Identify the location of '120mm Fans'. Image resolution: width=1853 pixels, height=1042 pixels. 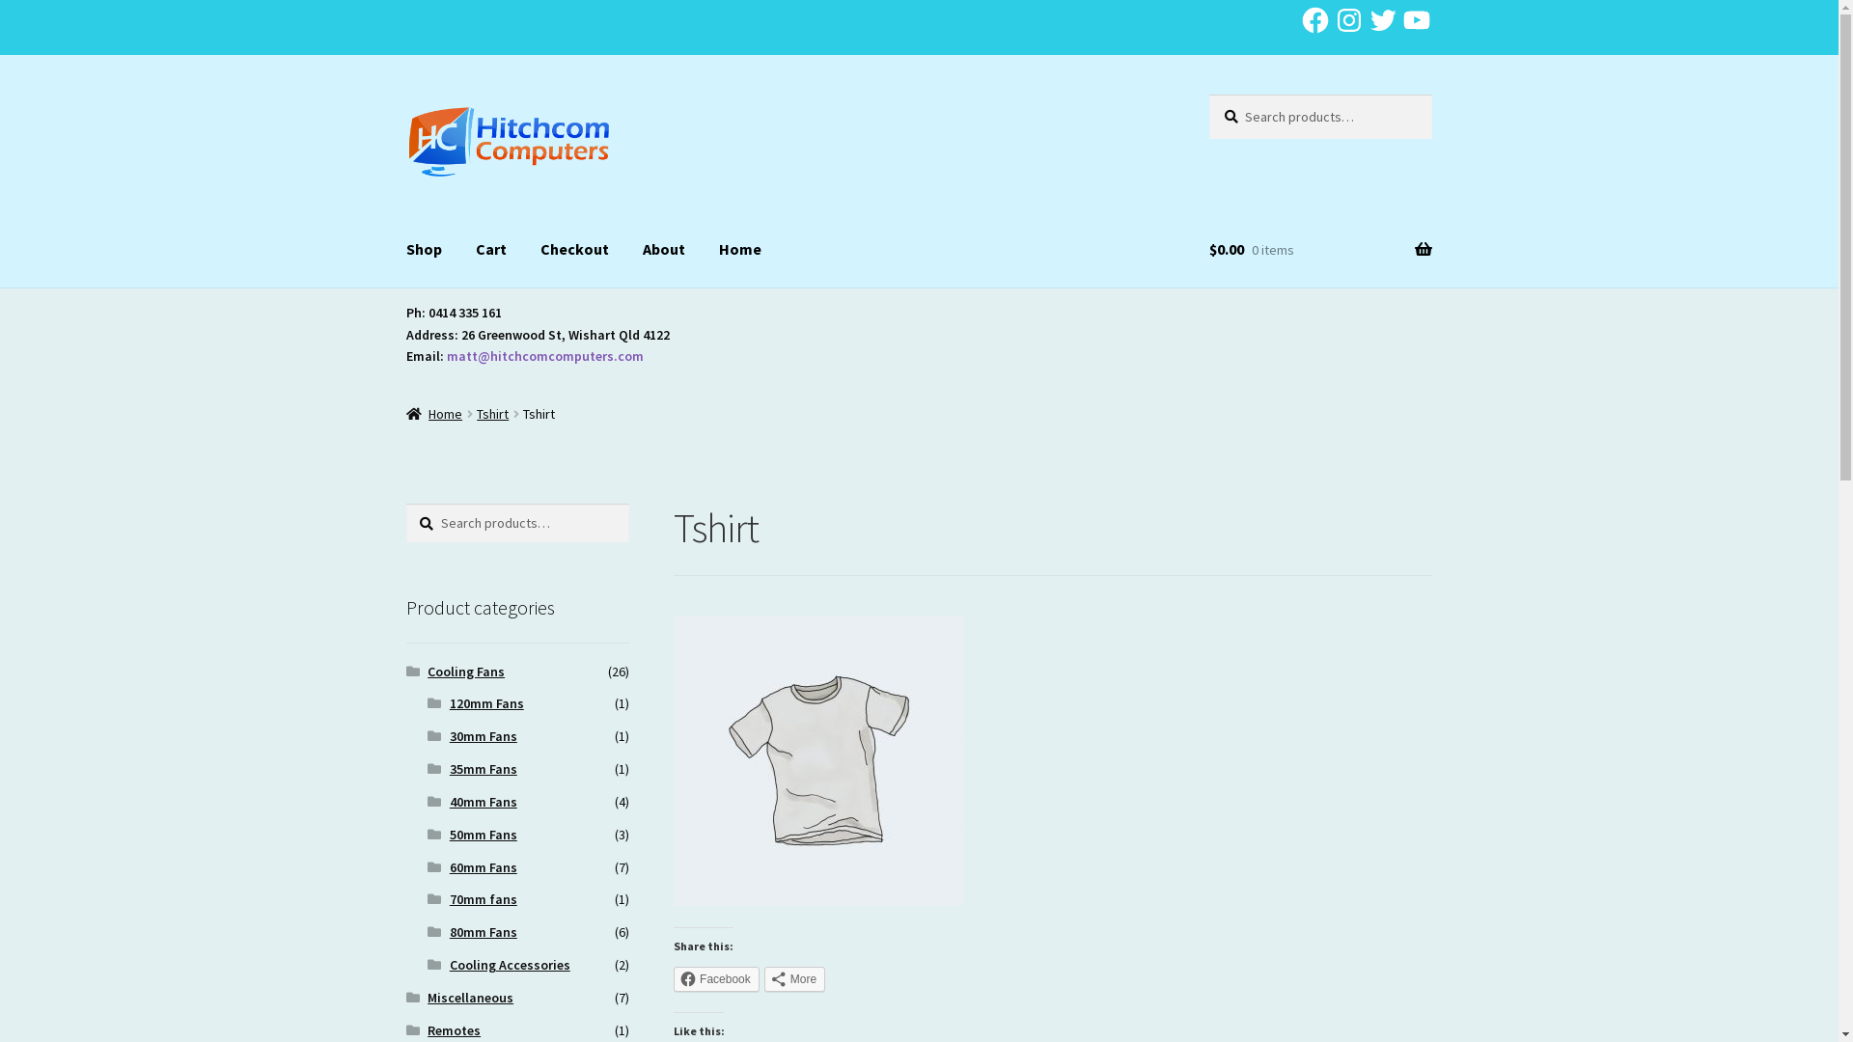
(448, 703).